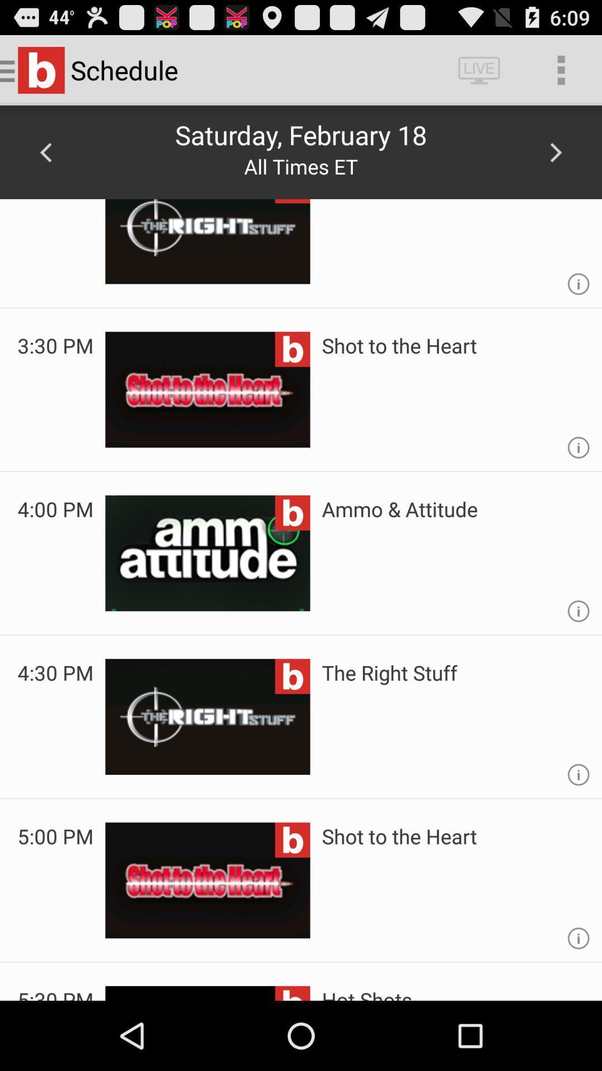  Describe the element at coordinates (46, 162) in the screenshot. I see `the arrow_backward icon` at that location.